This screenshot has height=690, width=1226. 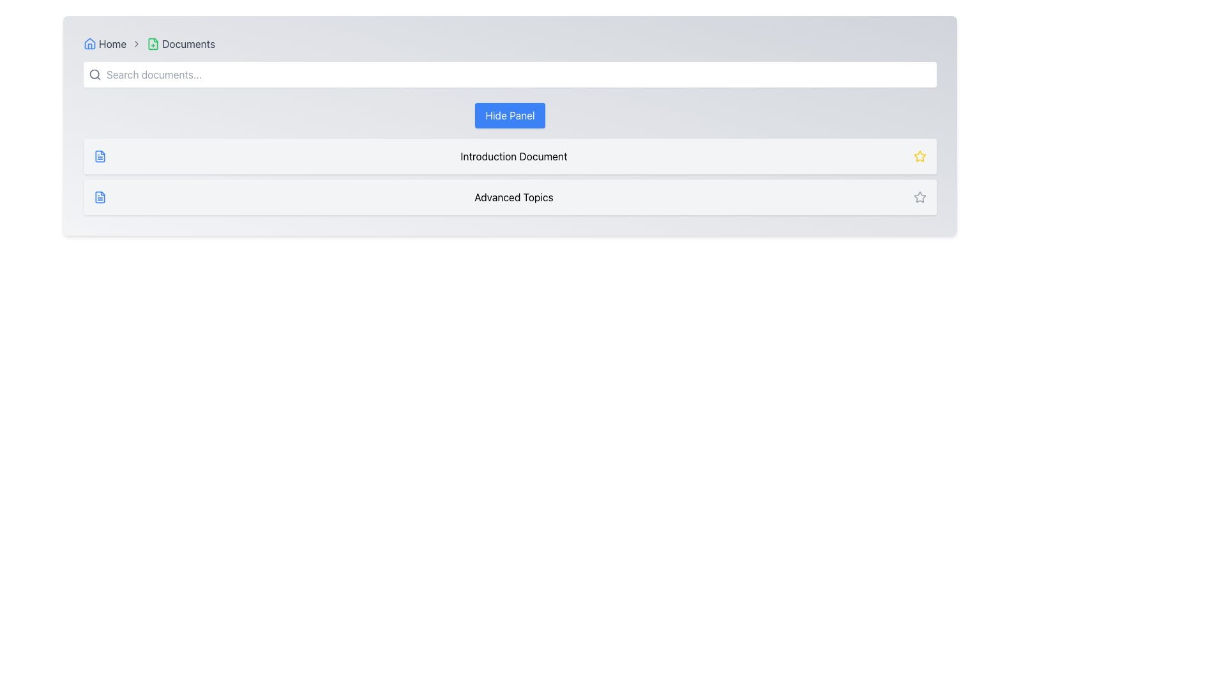 What do you see at coordinates (100, 156) in the screenshot?
I see `the icon representing the 'Introduction Document' located in the first row of the list, preceding the text and to the left of the yellow star icon` at bounding box center [100, 156].